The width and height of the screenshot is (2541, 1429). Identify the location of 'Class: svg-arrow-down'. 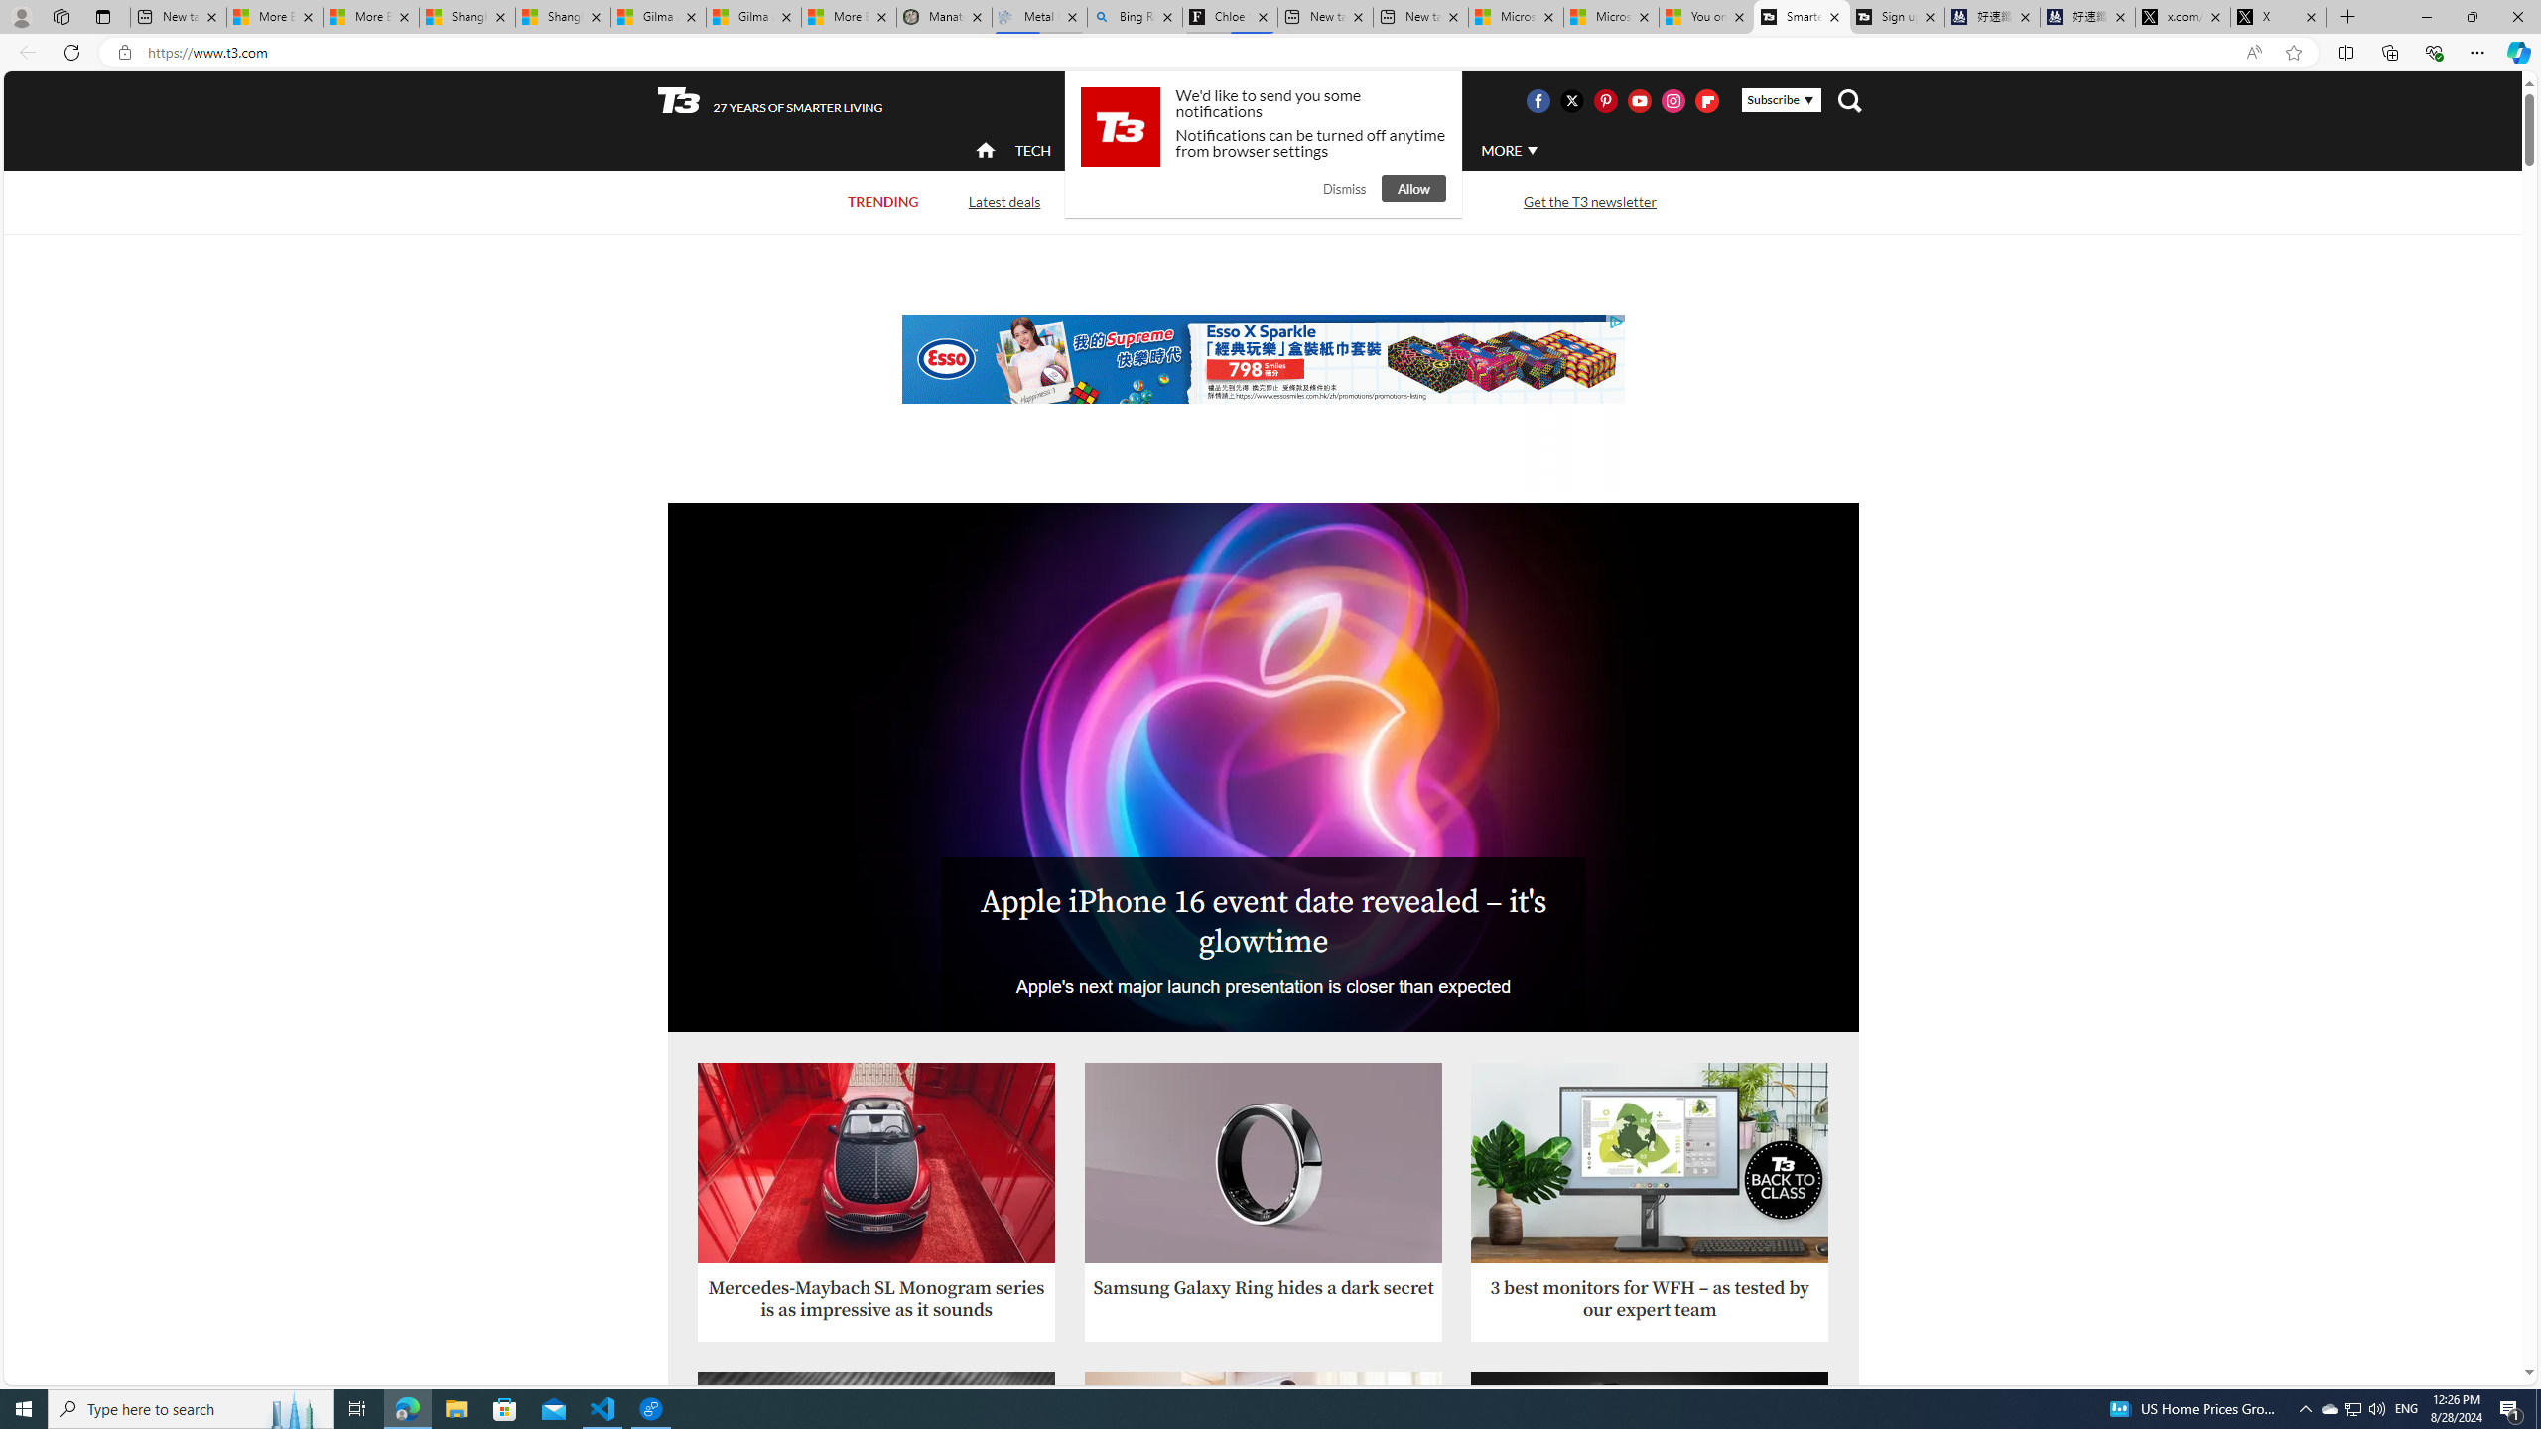
(1531, 149).